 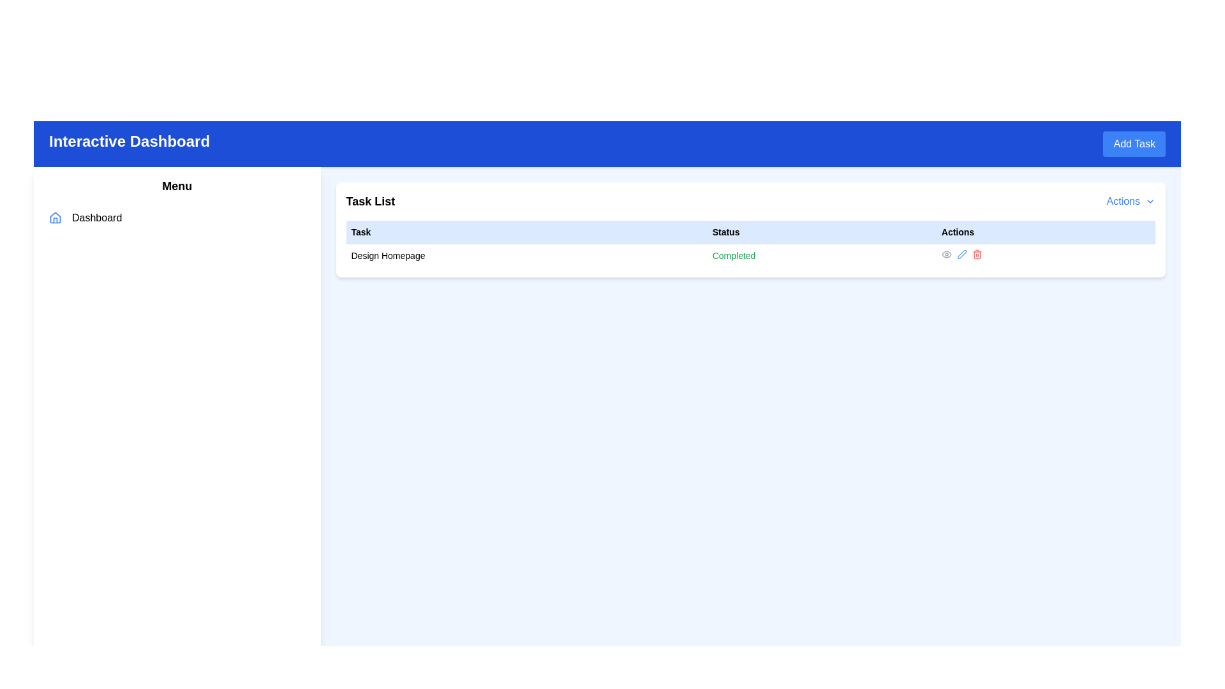 What do you see at coordinates (96, 218) in the screenshot?
I see `the 'Dashboard' text label in the left panel menu to trigger any hover effects` at bounding box center [96, 218].